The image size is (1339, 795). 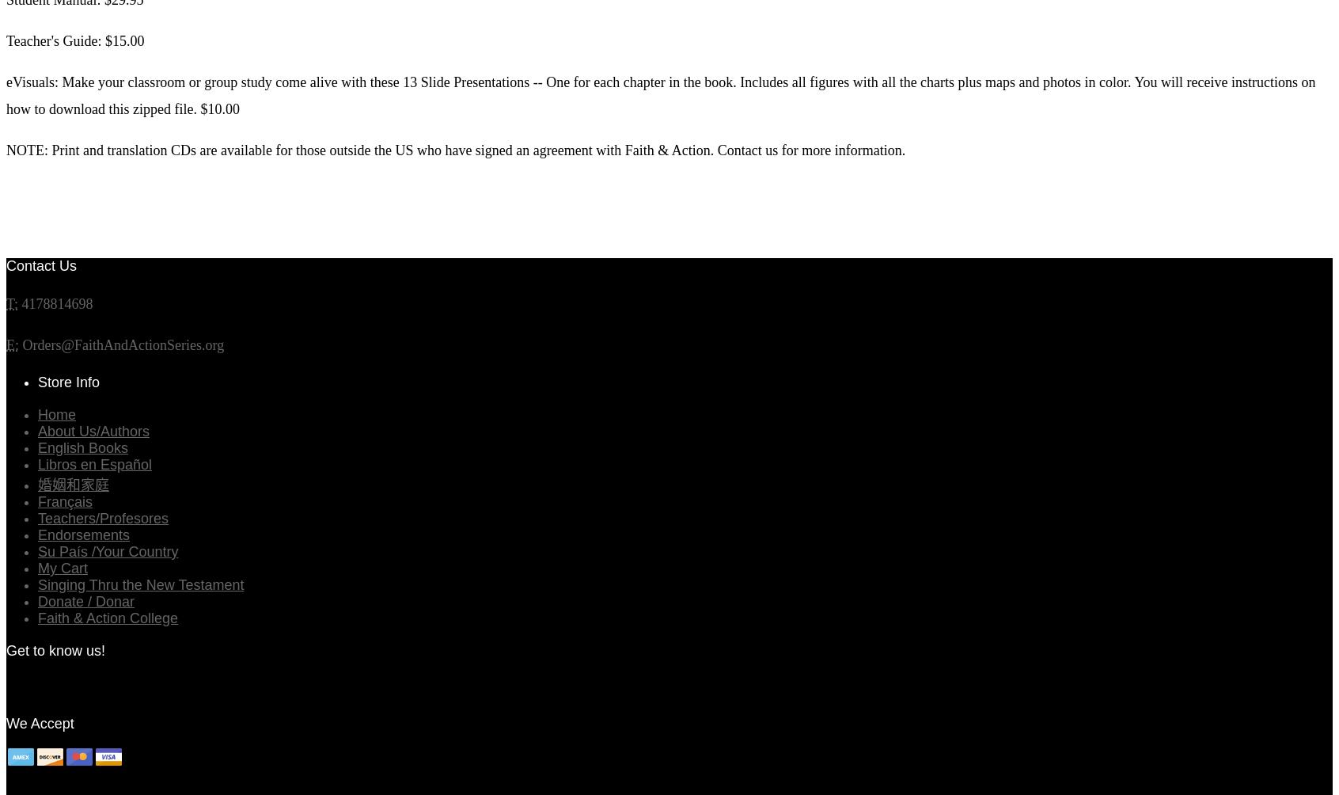 What do you see at coordinates (108, 550) in the screenshot?
I see `'Su País /Your Country'` at bounding box center [108, 550].